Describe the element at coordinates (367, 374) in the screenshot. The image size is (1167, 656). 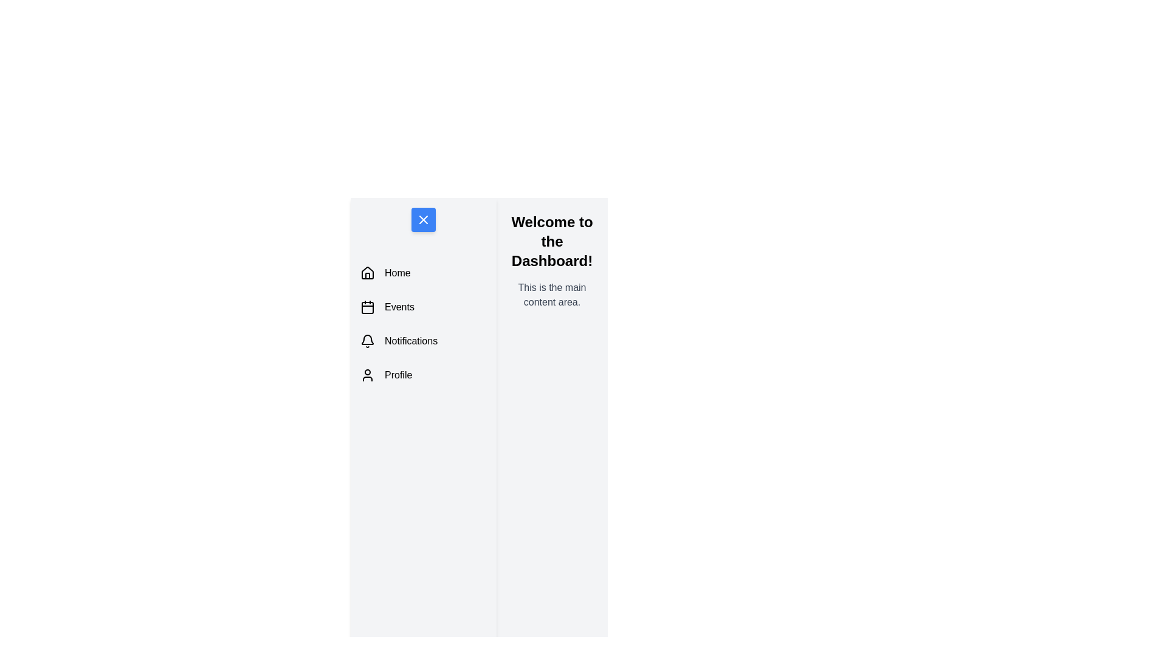
I see `the user icon in the 'Profile' section of the left sidebar, which is depicted as a simplistic outline of a person` at that location.